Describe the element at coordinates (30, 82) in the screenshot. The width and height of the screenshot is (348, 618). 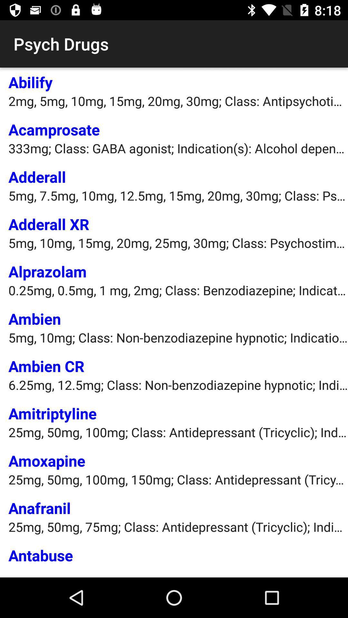
I see `app below psych drugs icon` at that location.